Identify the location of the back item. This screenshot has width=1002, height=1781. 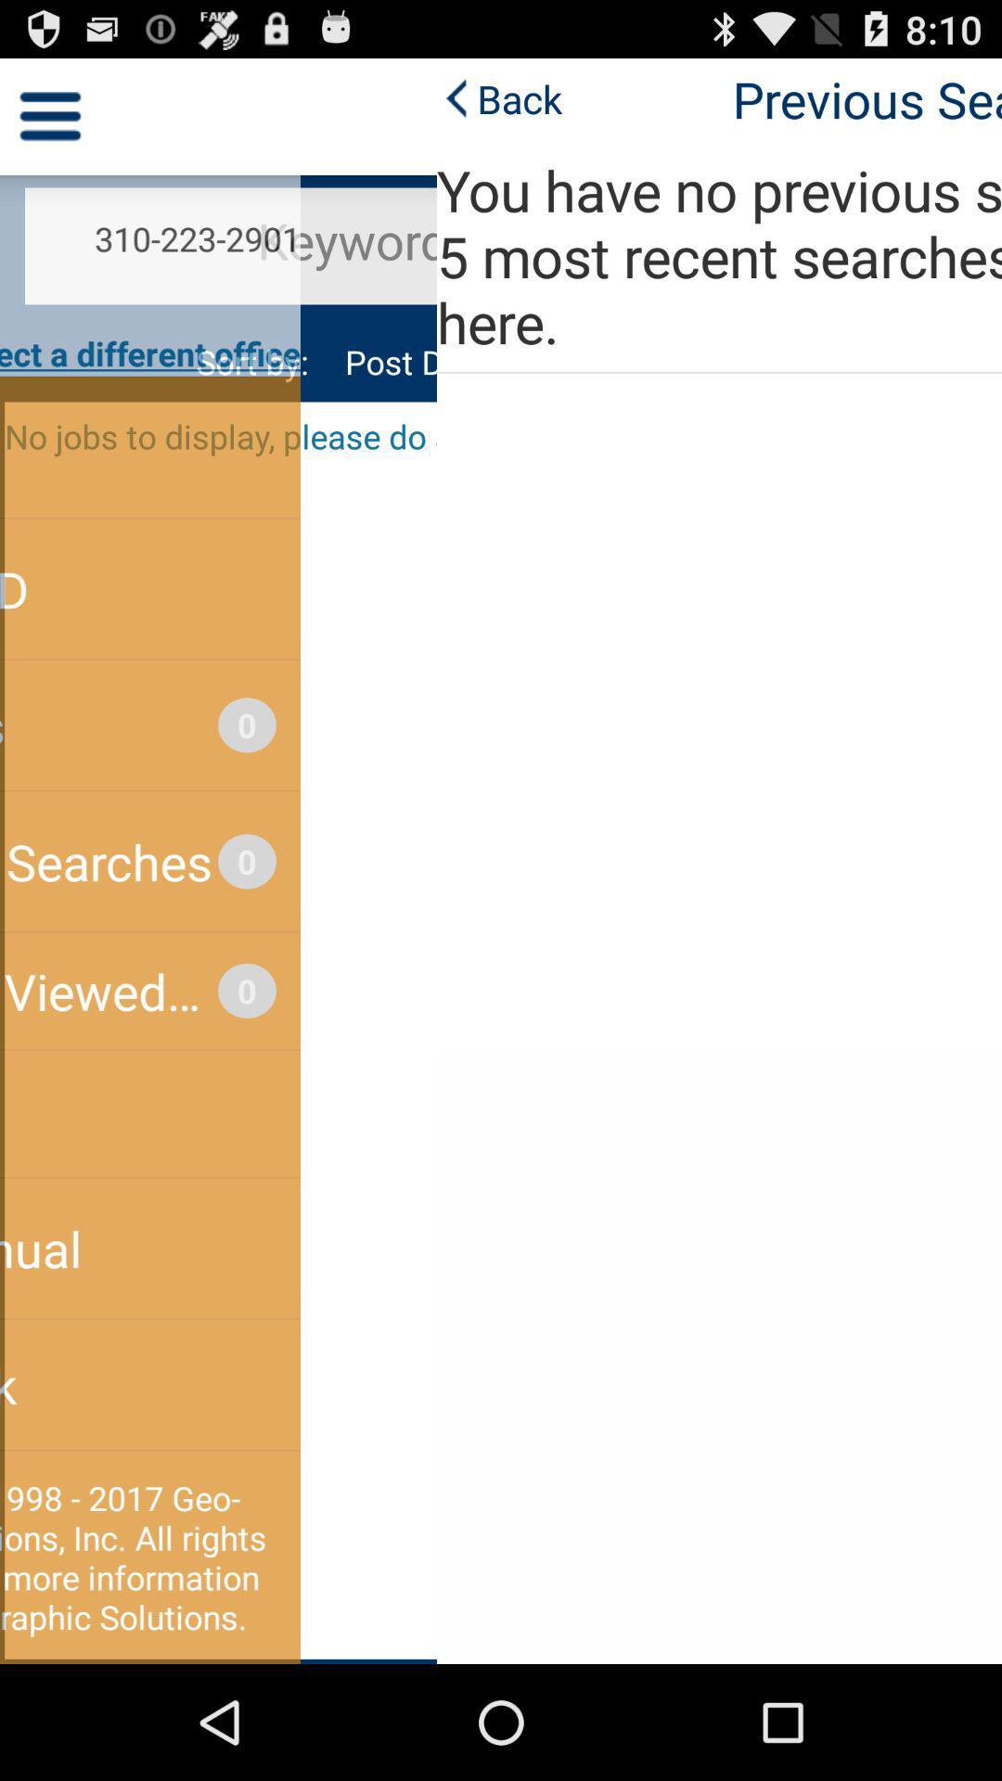
(61, 97).